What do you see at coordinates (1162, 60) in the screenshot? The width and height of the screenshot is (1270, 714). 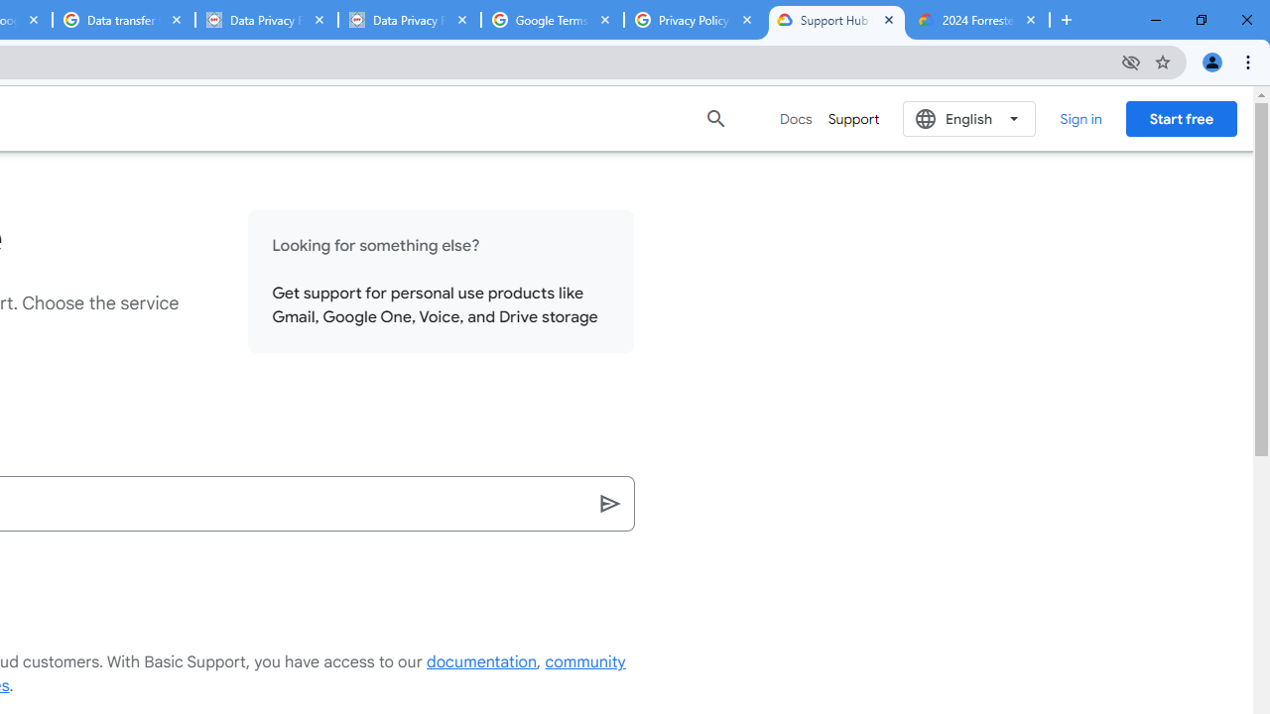 I see `'Bookmark this tab'` at bounding box center [1162, 60].